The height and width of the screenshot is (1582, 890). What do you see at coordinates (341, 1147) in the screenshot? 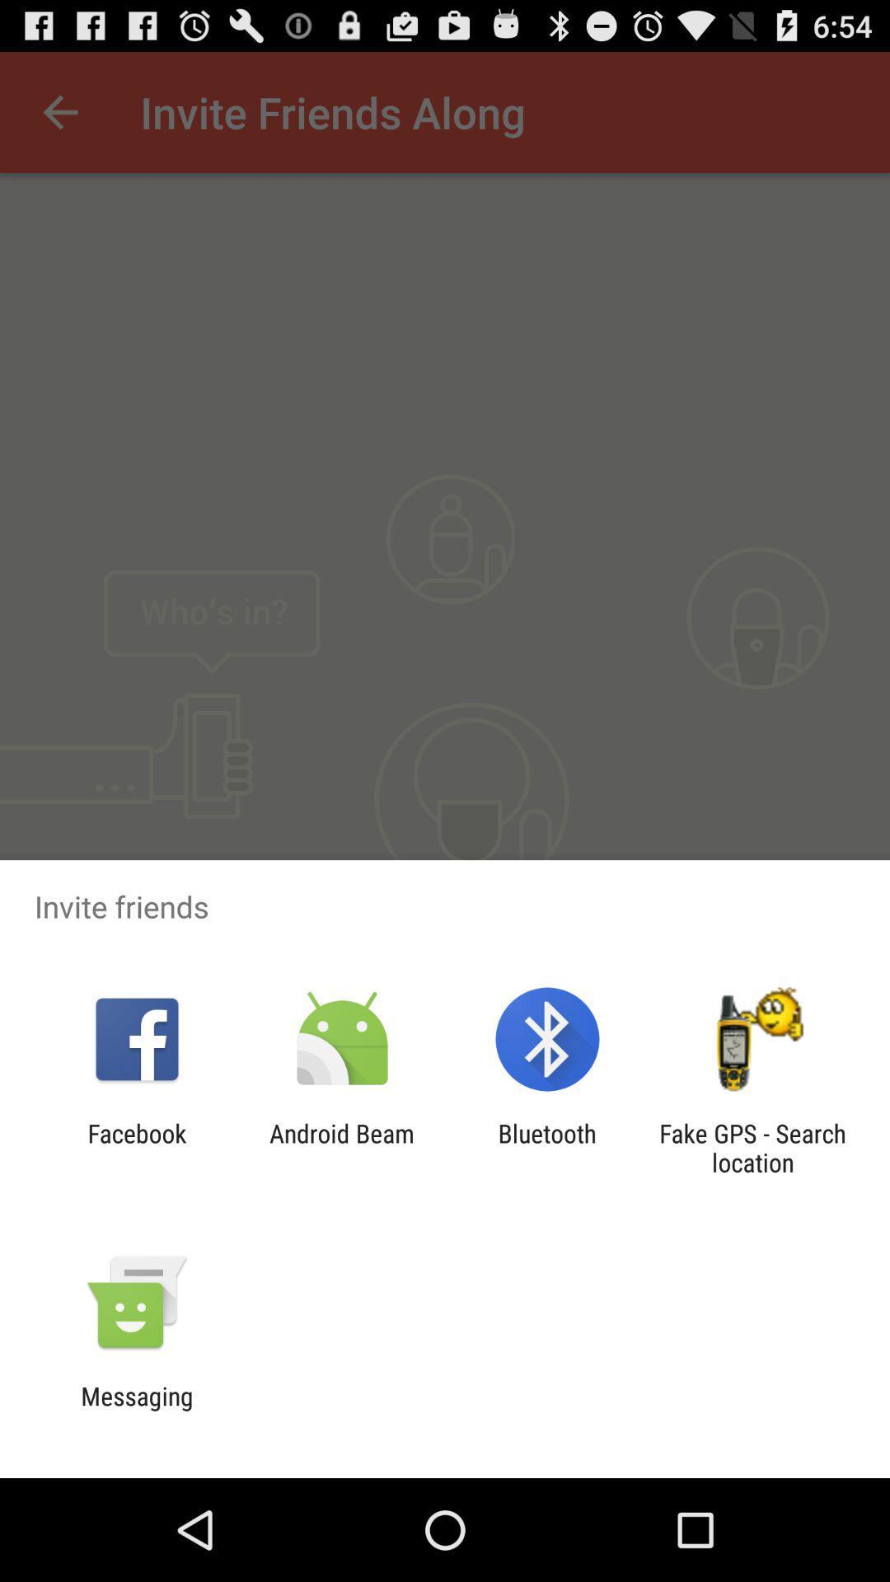
I see `icon next to the facebook item` at bounding box center [341, 1147].